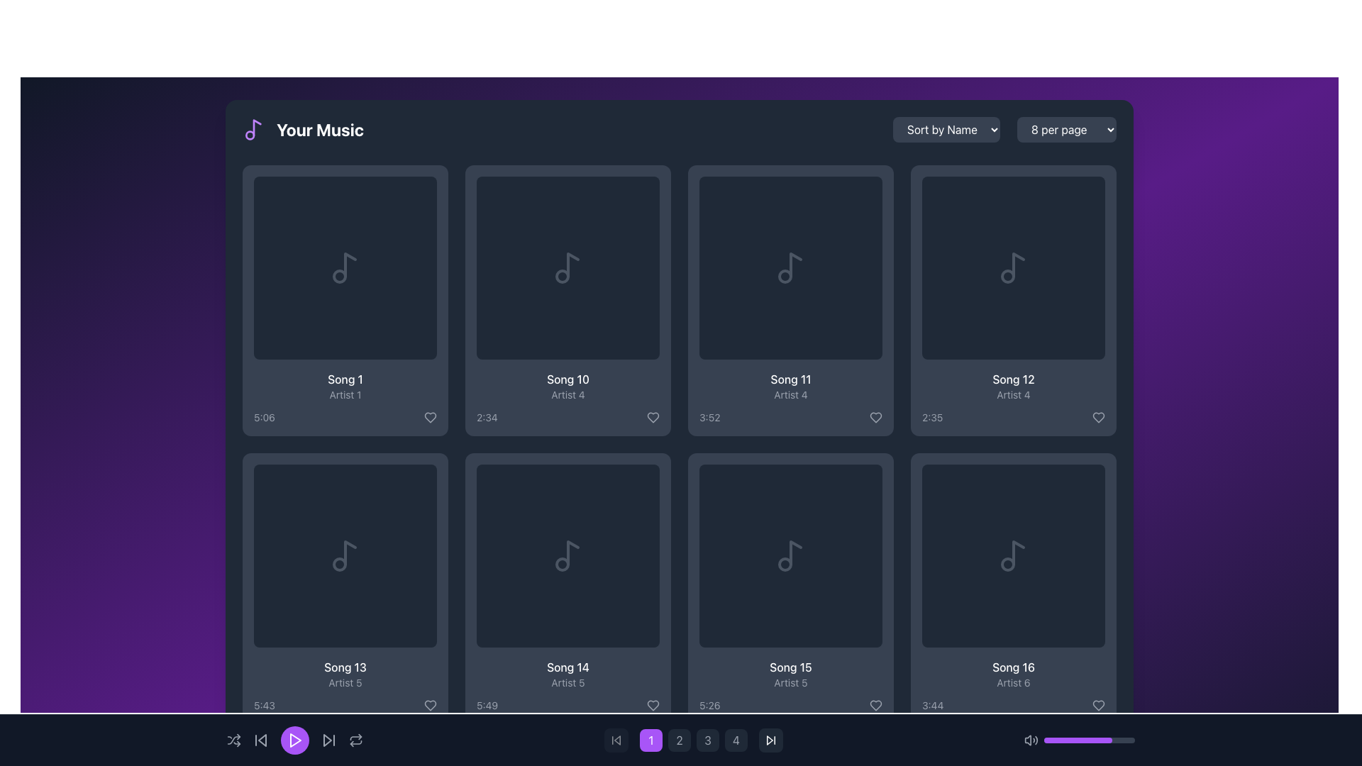  I want to click on musical note icon styled in gray located in the top-left song card of the grid layout, so click(345, 268).